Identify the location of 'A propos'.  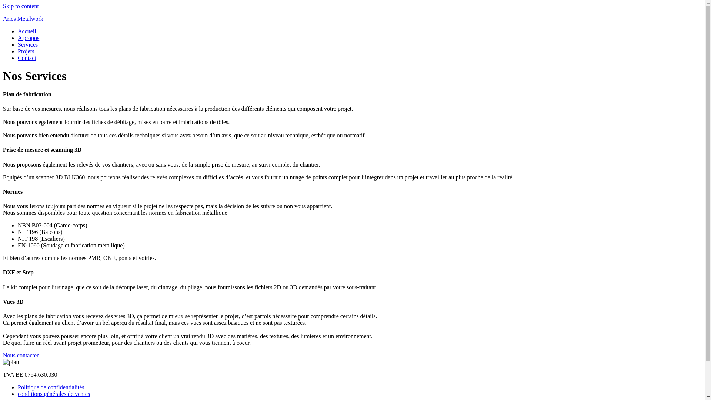
(28, 38).